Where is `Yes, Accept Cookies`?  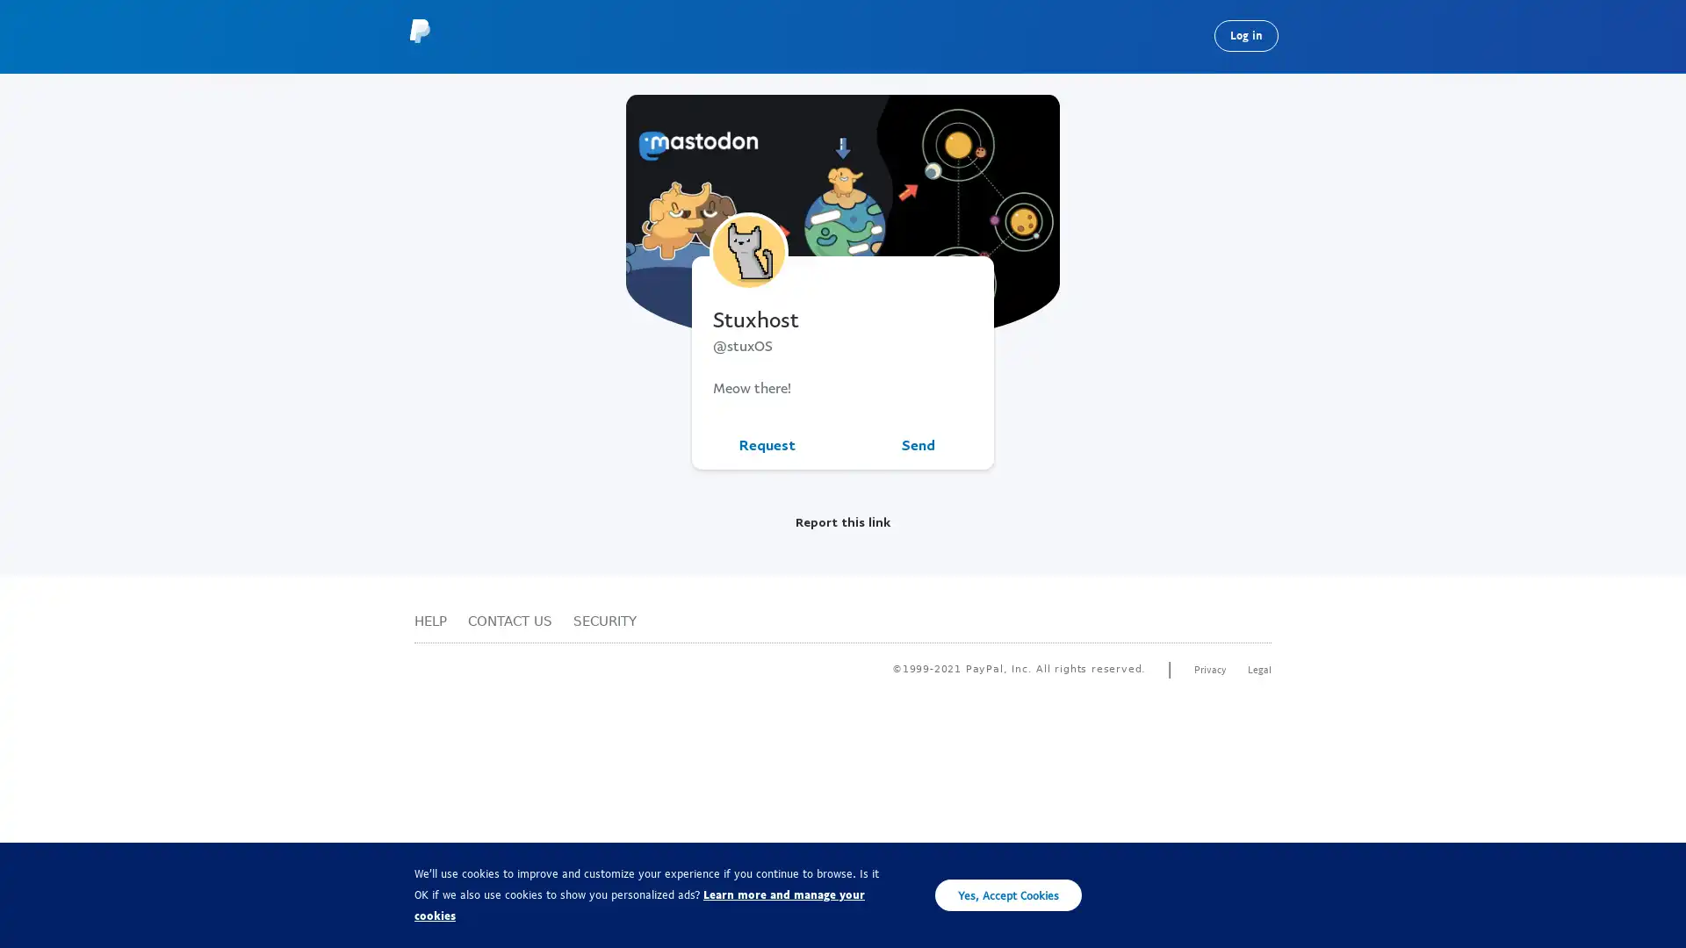
Yes, Accept Cookies is located at coordinates (1008, 894).